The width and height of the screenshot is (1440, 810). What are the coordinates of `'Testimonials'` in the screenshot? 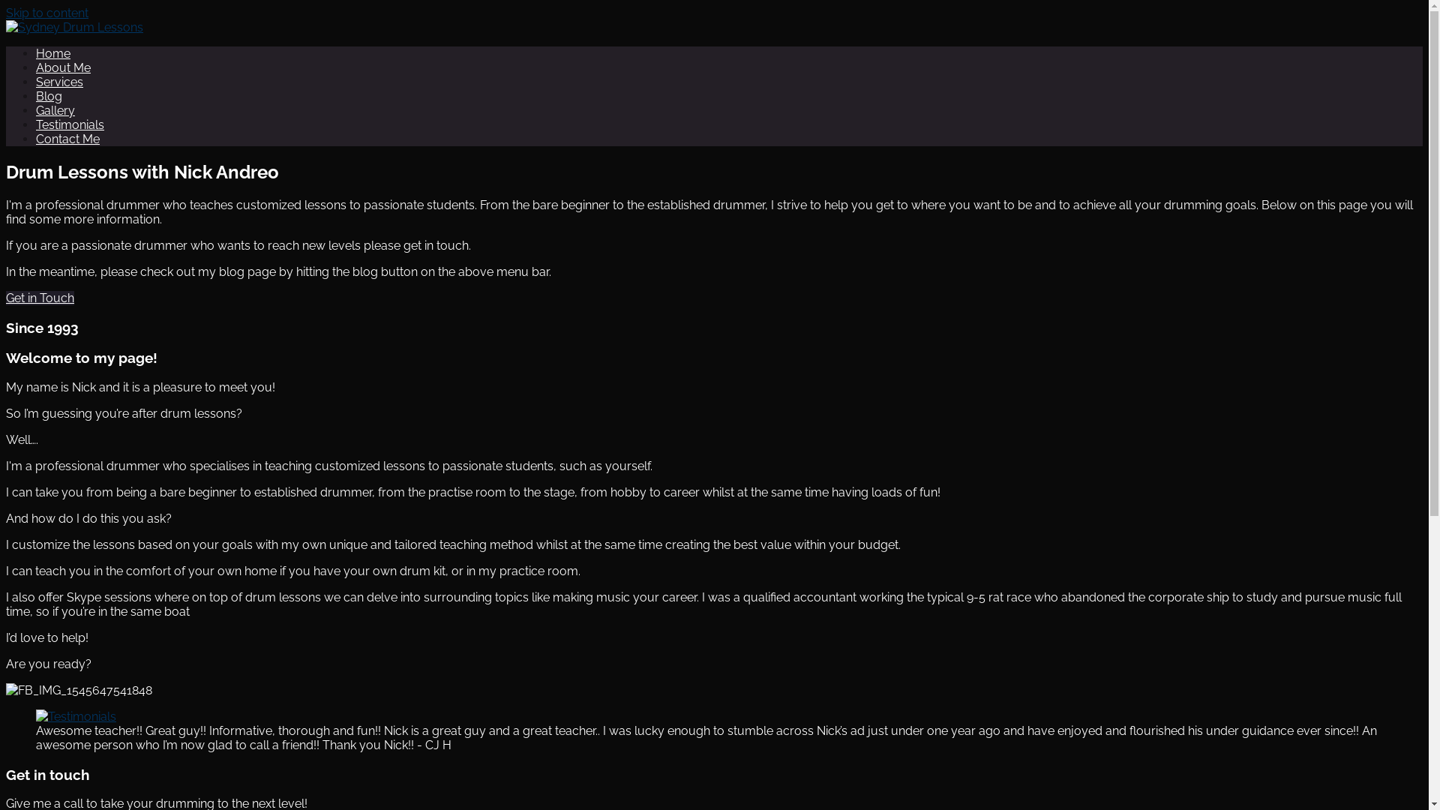 It's located at (36, 124).